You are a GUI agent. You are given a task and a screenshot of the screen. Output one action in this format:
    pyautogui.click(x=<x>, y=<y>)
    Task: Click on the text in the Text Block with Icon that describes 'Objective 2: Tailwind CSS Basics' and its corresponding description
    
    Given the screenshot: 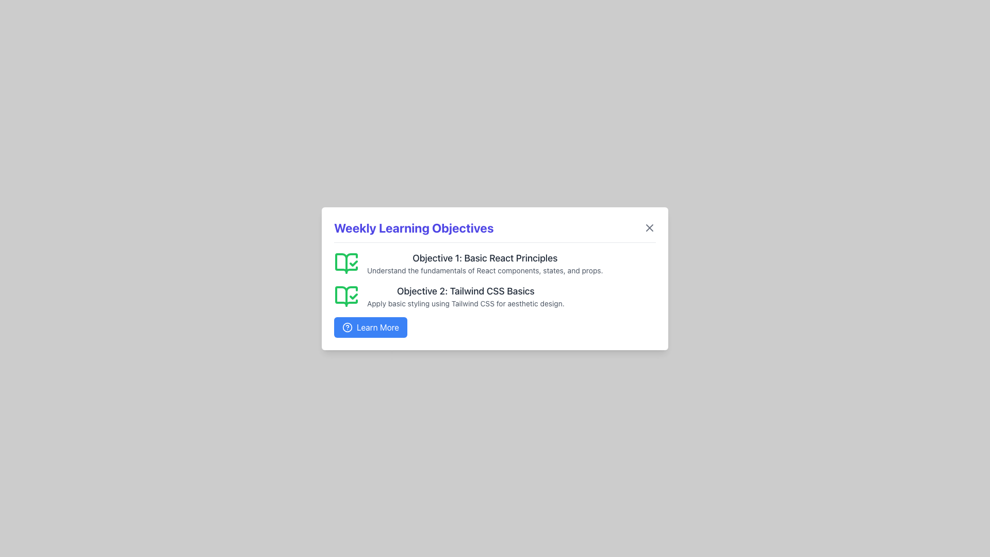 What is the action you would take?
    pyautogui.click(x=495, y=296)
    